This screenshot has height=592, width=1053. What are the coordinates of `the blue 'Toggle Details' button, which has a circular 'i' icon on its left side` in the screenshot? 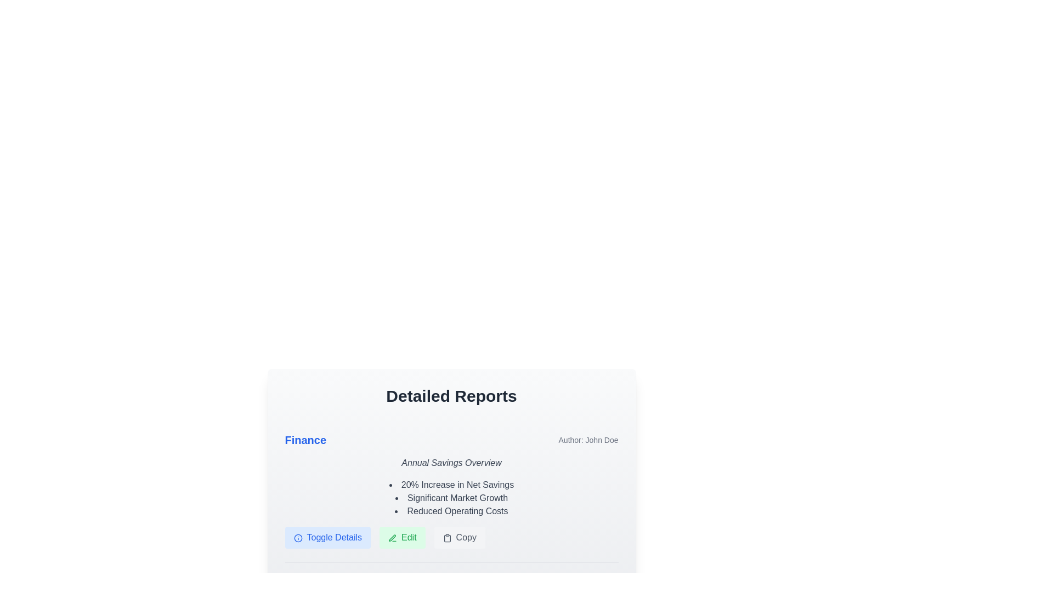 It's located at (327, 537).